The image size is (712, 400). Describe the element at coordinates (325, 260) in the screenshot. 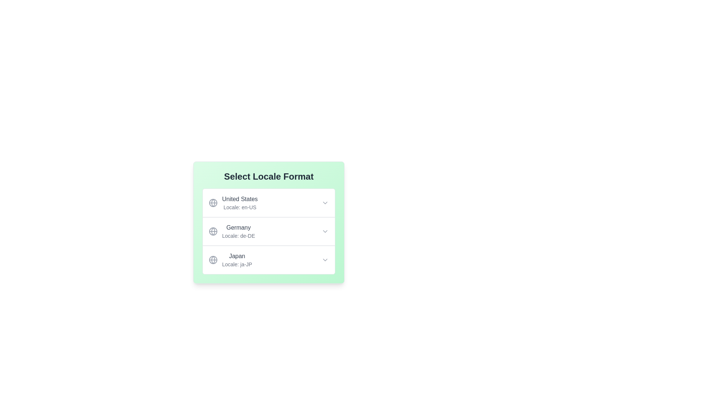

I see `the downward chevron icon at the far right of the 'Japan' locale selector` at that location.